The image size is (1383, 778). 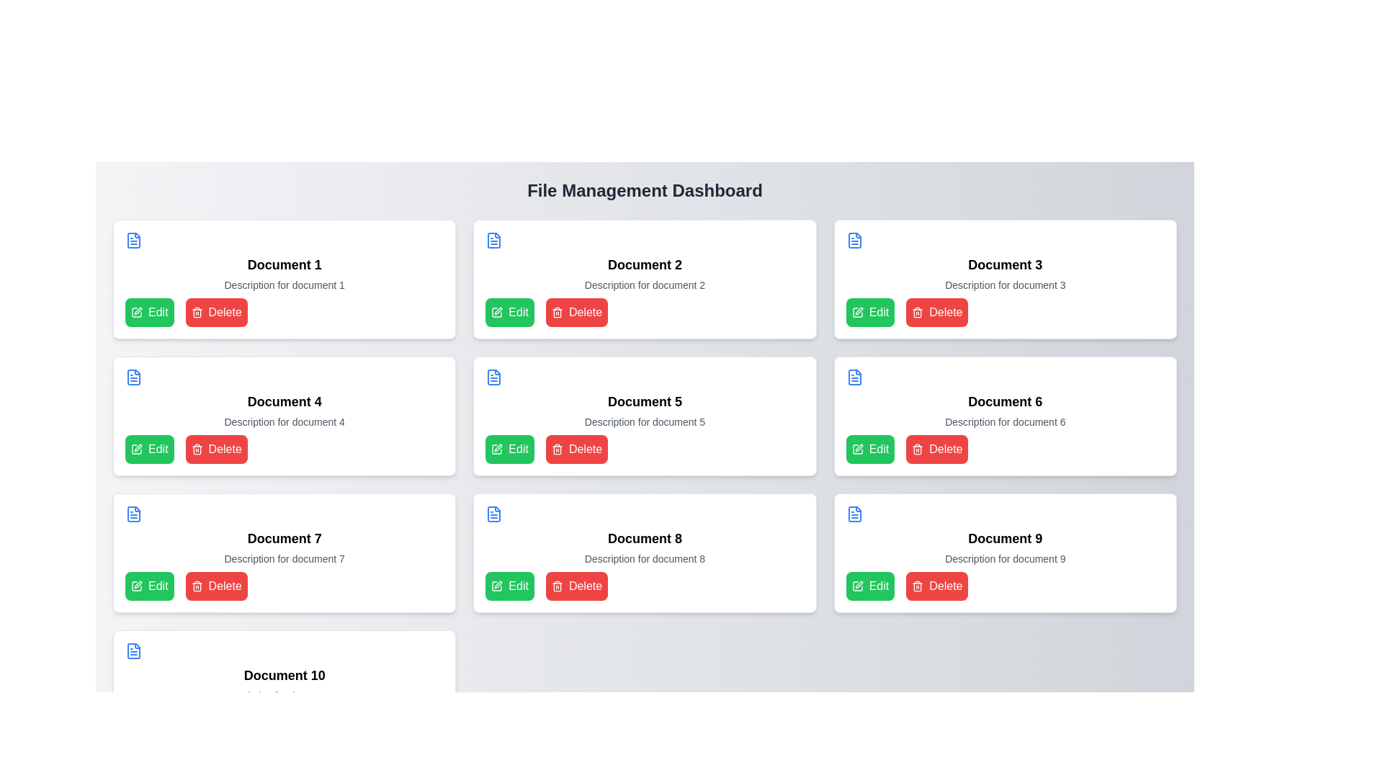 What do you see at coordinates (510, 449) in the screenshot?
I see `the green 'Edit' button with rounded edges and a pen icon, located below the 'Document 5' card in the third row of the dashboard grid layout` at bounding box center [510, 449].